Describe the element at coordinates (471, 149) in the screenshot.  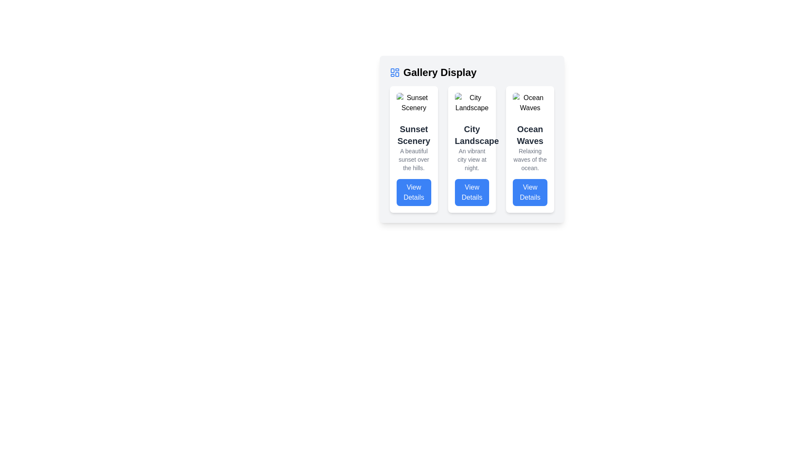
I see `the second card in the grid layout that features a white background, rounded corners, and a blue button labeled 'View Details'` at that location.